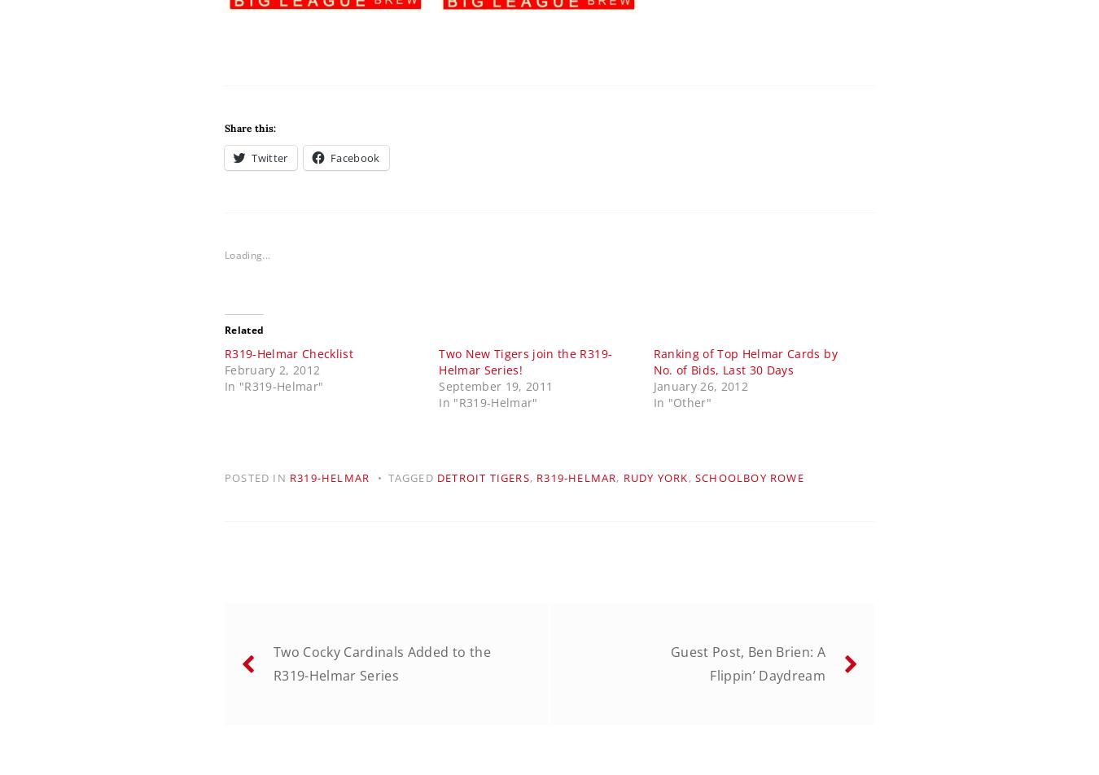 This screenshot has height=775, width=1099. Describe the element at coordinates (655, 478) in the screenshot. I see `'Rudy York'` at that location.